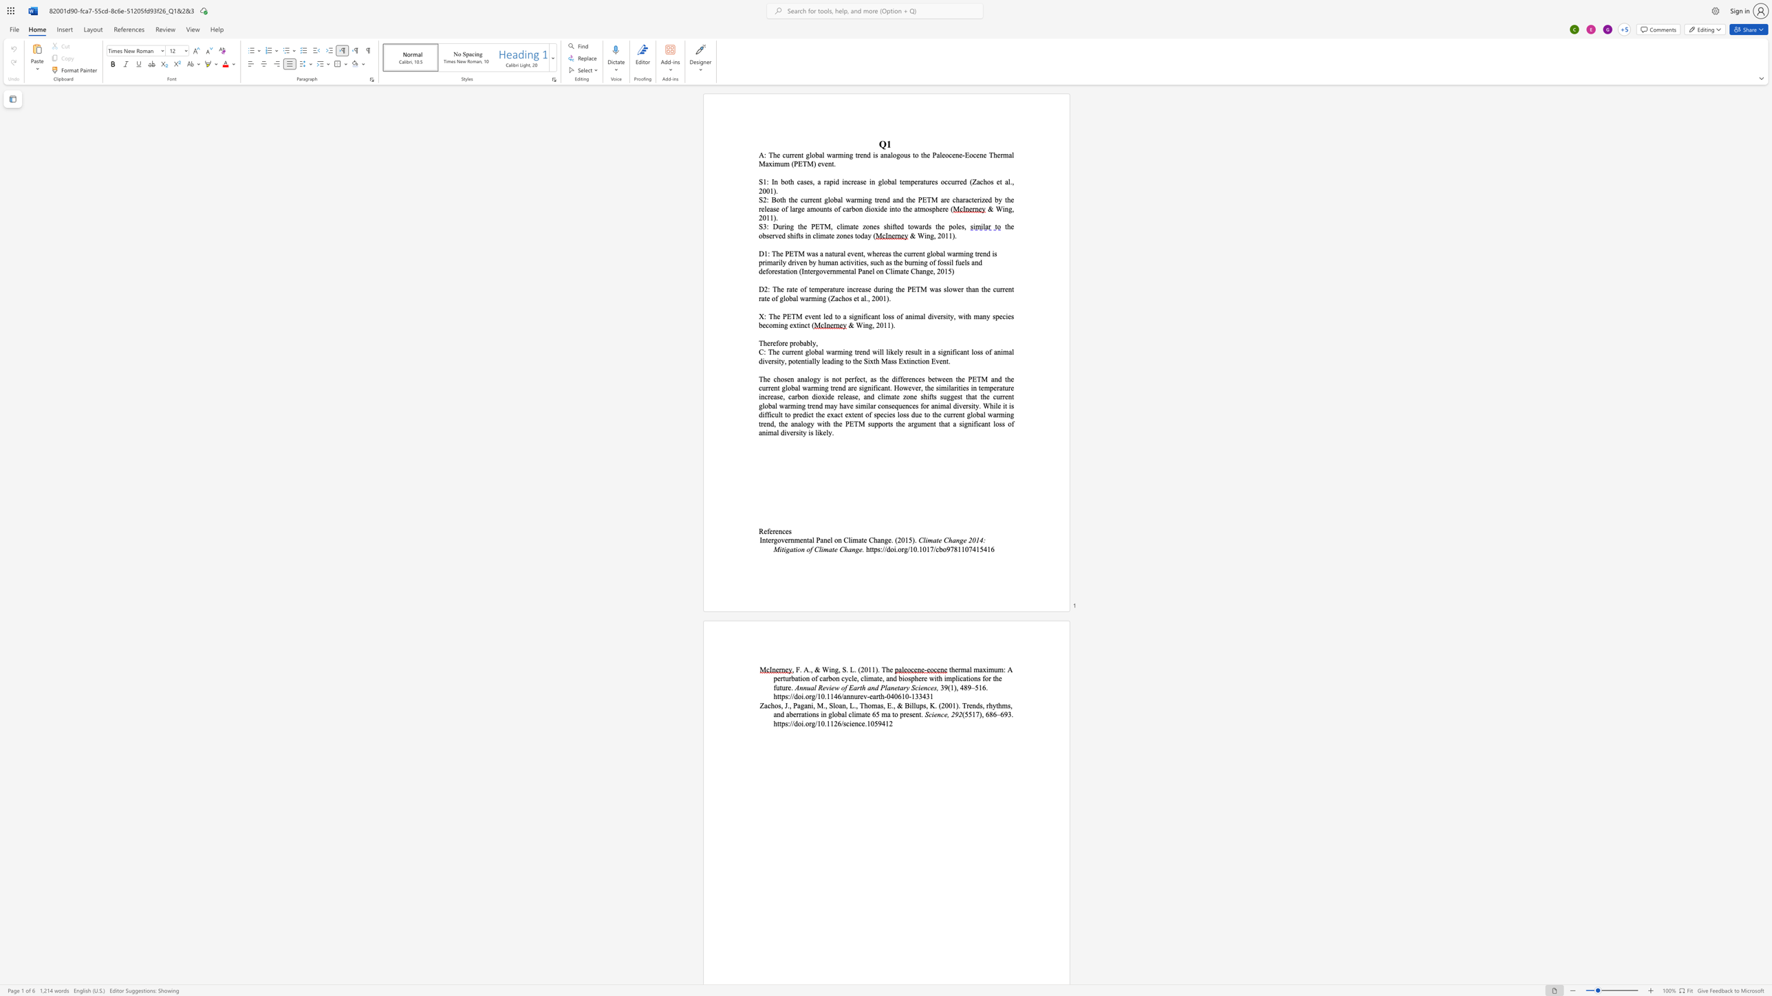  Describe the element at coordinates (892, 351) in the screenshot. I see `the 1th character "k" in the text` at that location.